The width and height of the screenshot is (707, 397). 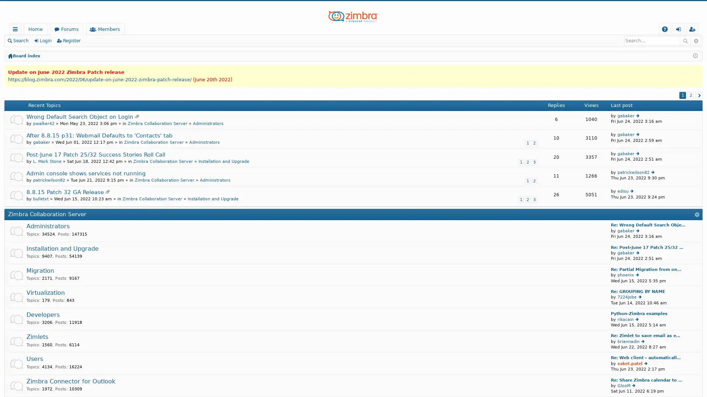 I want to click on Next, so click(x=699, y=94).